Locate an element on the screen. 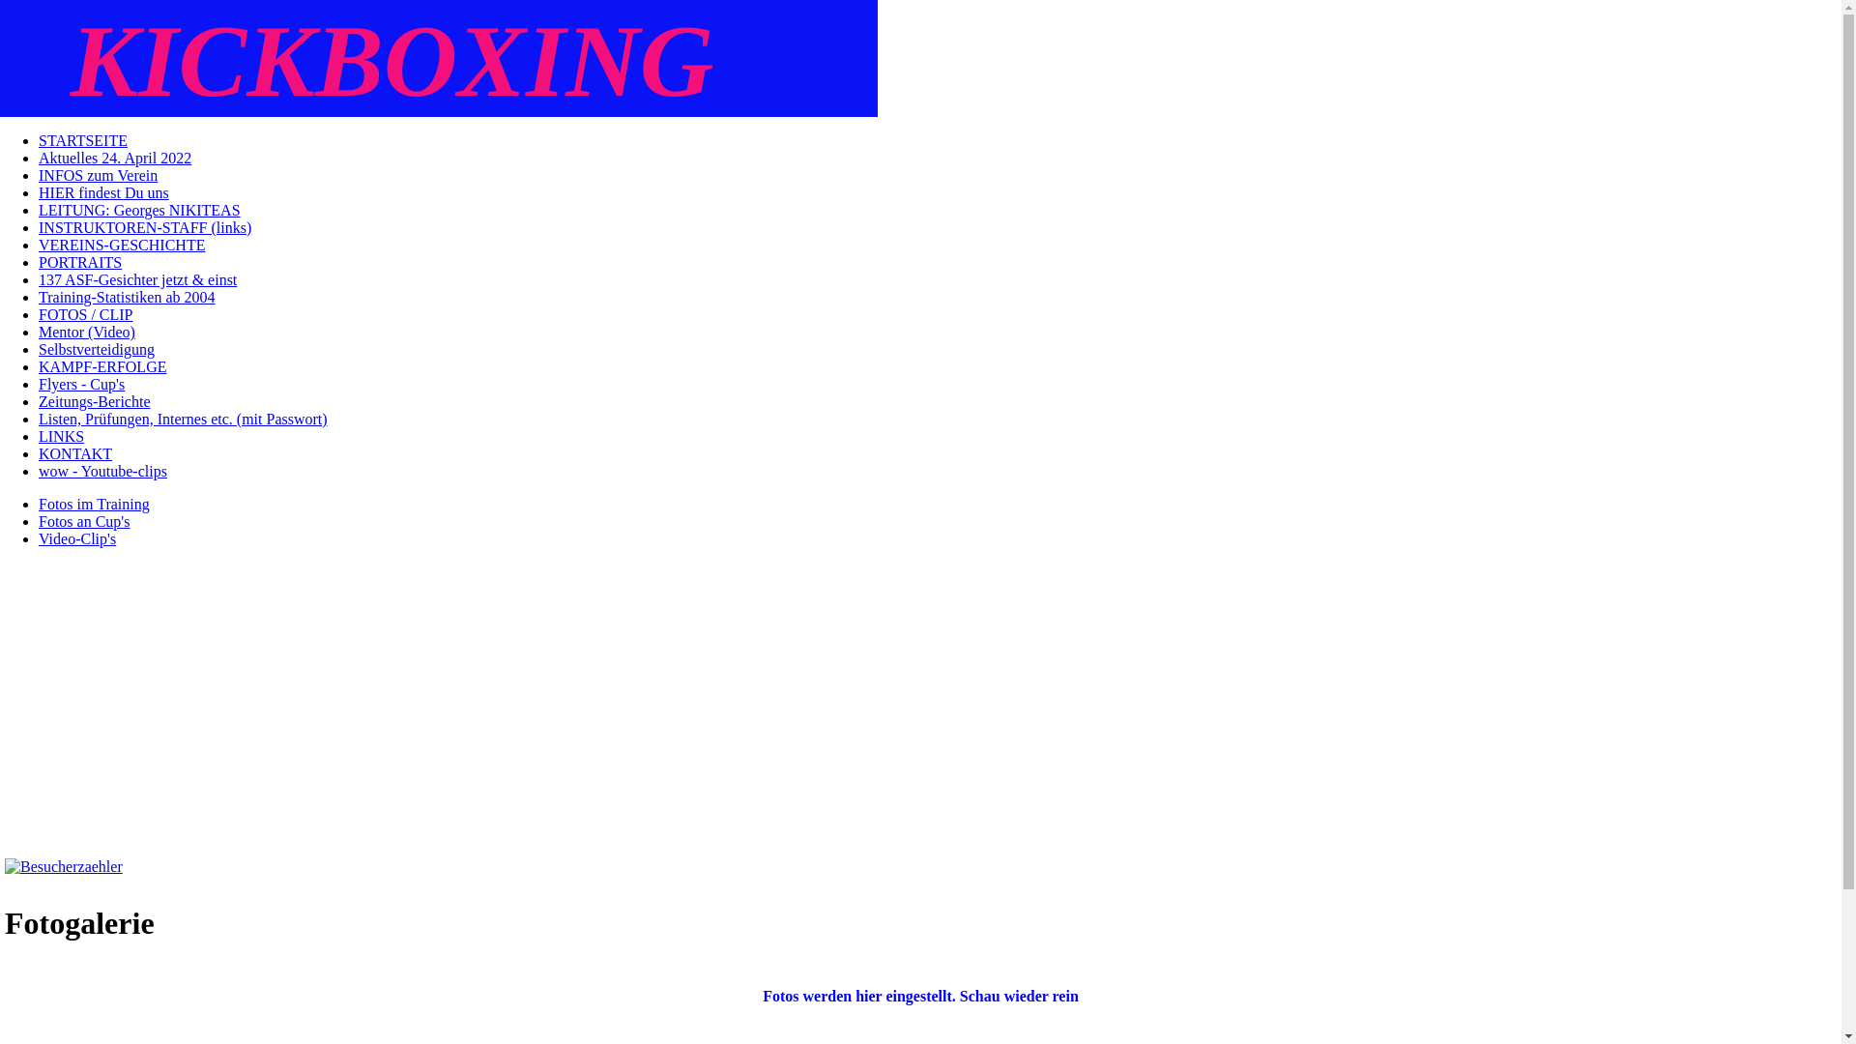  'VEREINS-GESCHICHTE' is located at coordinates (120, 244).